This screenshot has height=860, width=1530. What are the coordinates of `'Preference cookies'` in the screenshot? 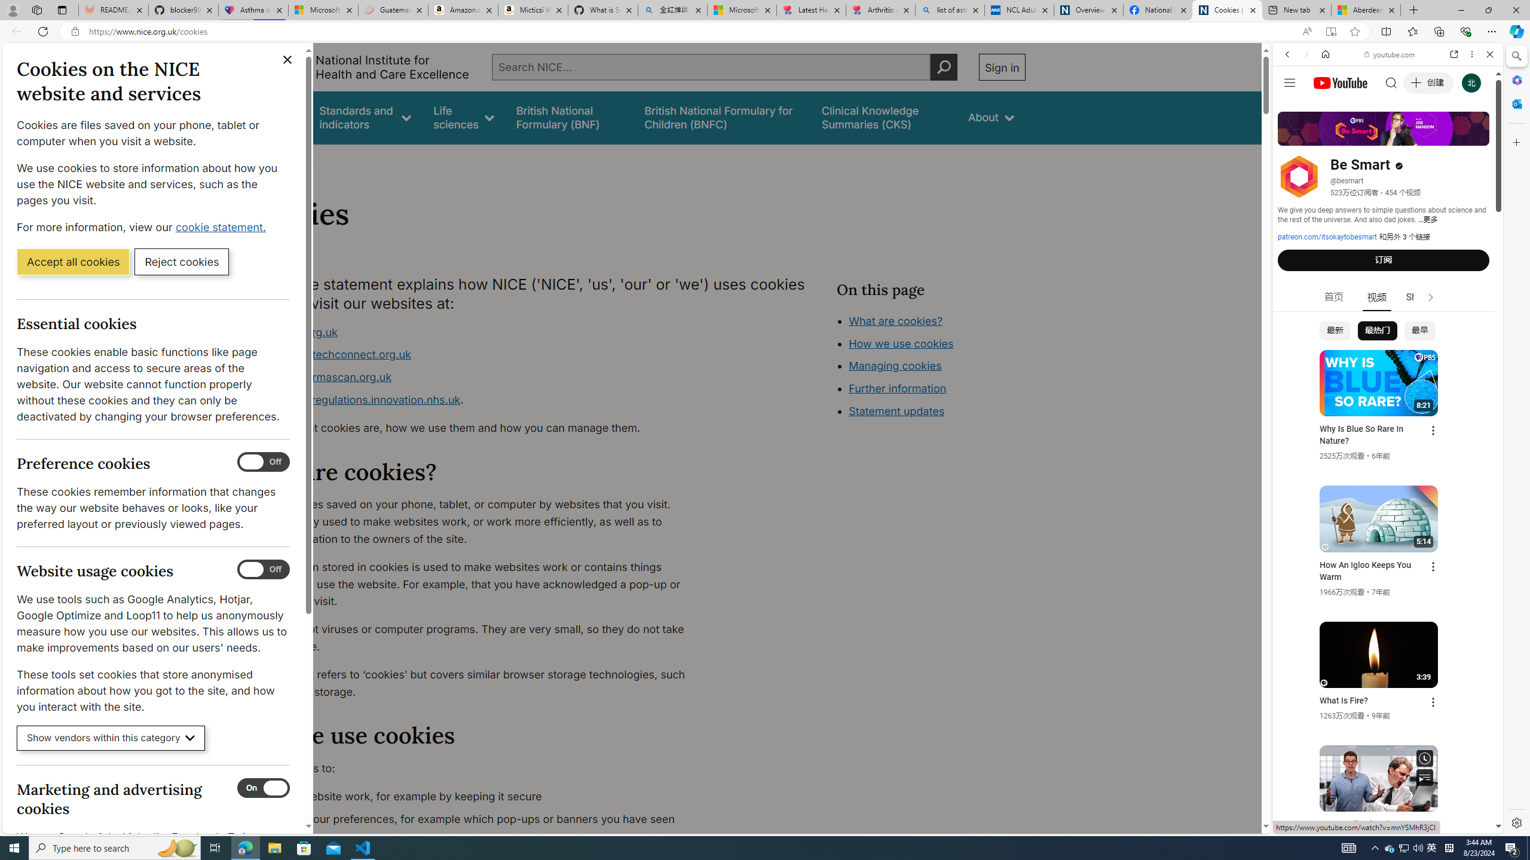 It's located at (263, 462).